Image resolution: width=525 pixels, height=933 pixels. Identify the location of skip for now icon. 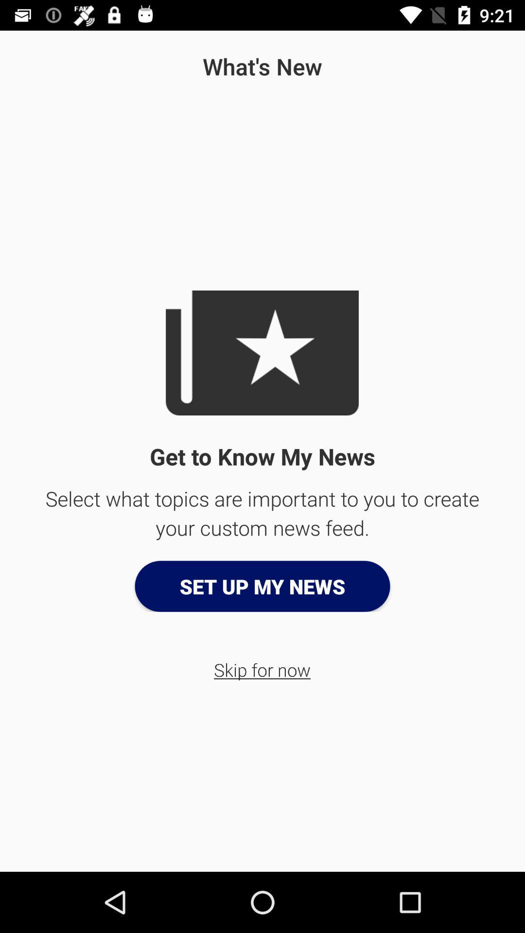
(262, 669).